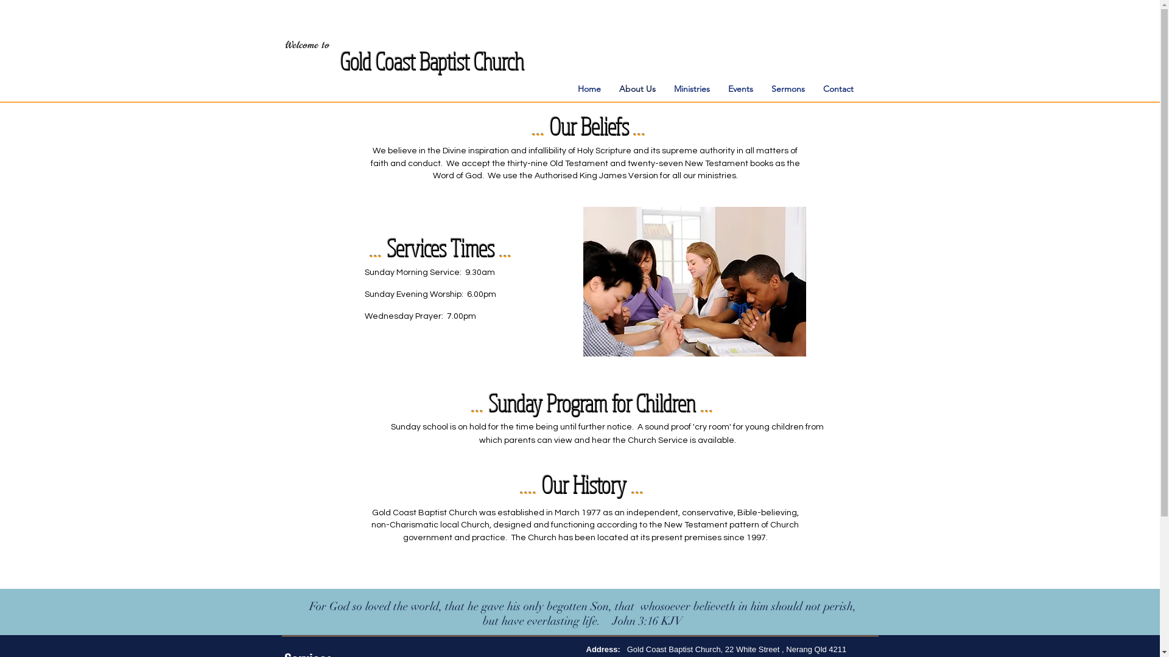  What do you see at coordinates (636, 88) in the screenshot?
I see `'About Us'` at bounding box center [636, 88].